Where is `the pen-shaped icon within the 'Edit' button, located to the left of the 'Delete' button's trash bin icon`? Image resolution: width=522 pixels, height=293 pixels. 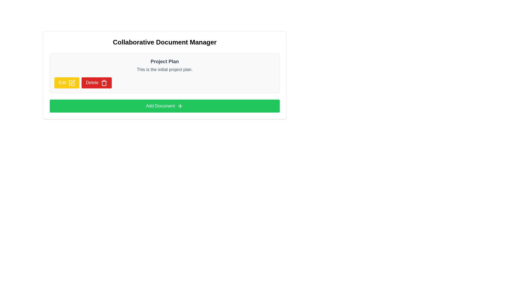
the pen-shaped icon within the 'Edit' button, located to the left of the 'Delete' button's trash bin icon is located at coordinates (72, 82).